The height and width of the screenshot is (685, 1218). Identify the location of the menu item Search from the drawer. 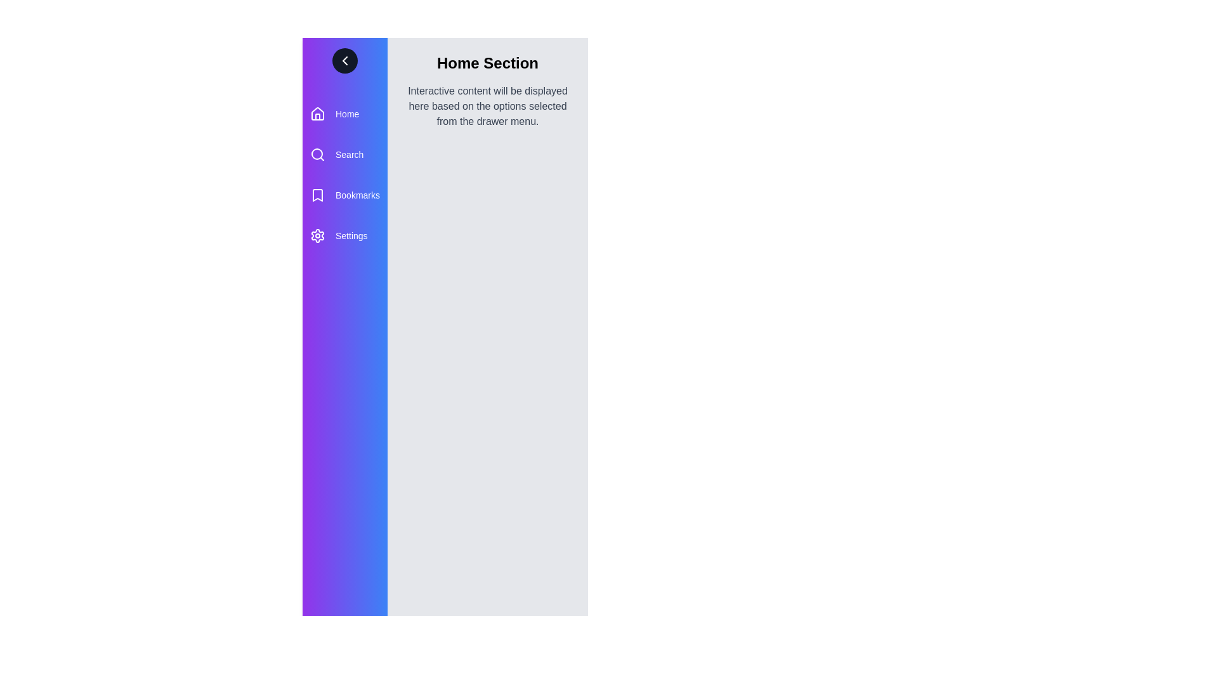
(344, 153).